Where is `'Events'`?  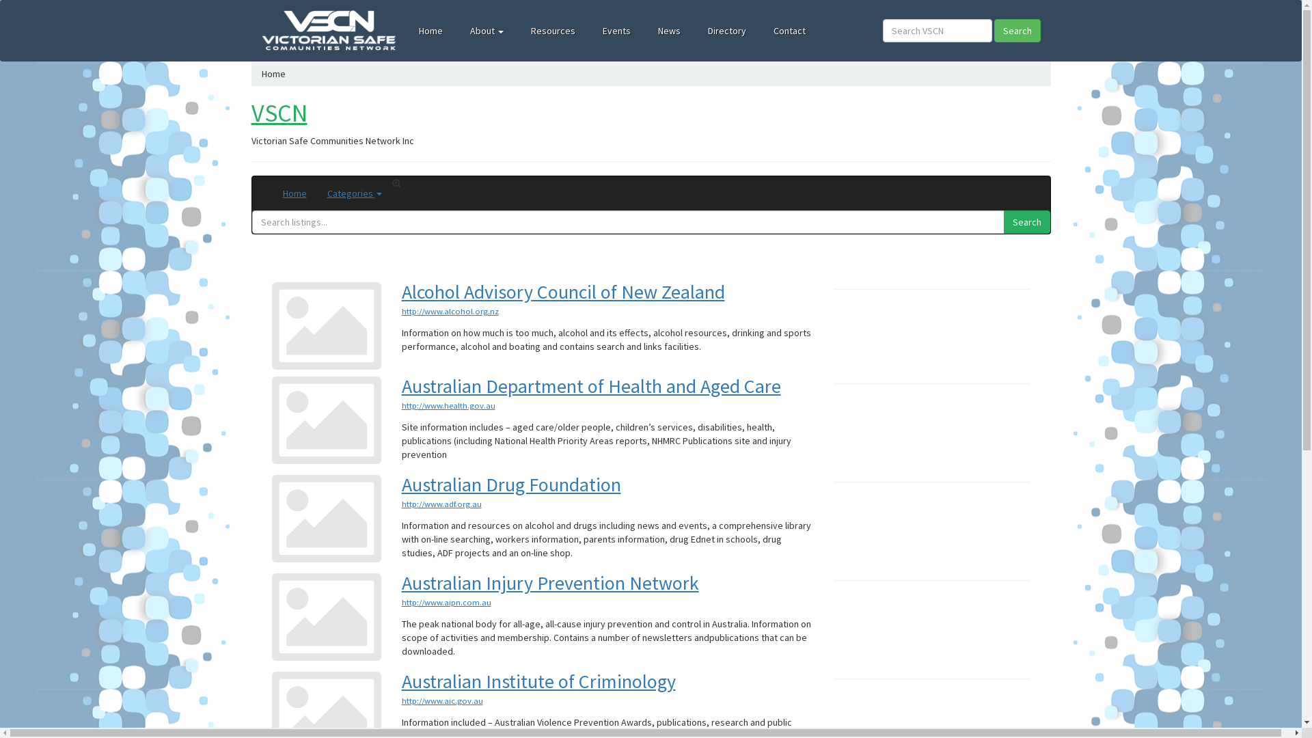
'Events' is located at coordinates (616, 31).